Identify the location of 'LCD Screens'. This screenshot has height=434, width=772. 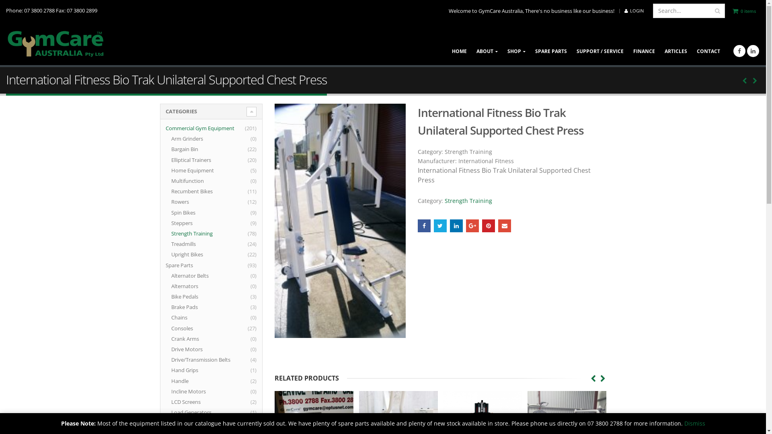
(191, 401).